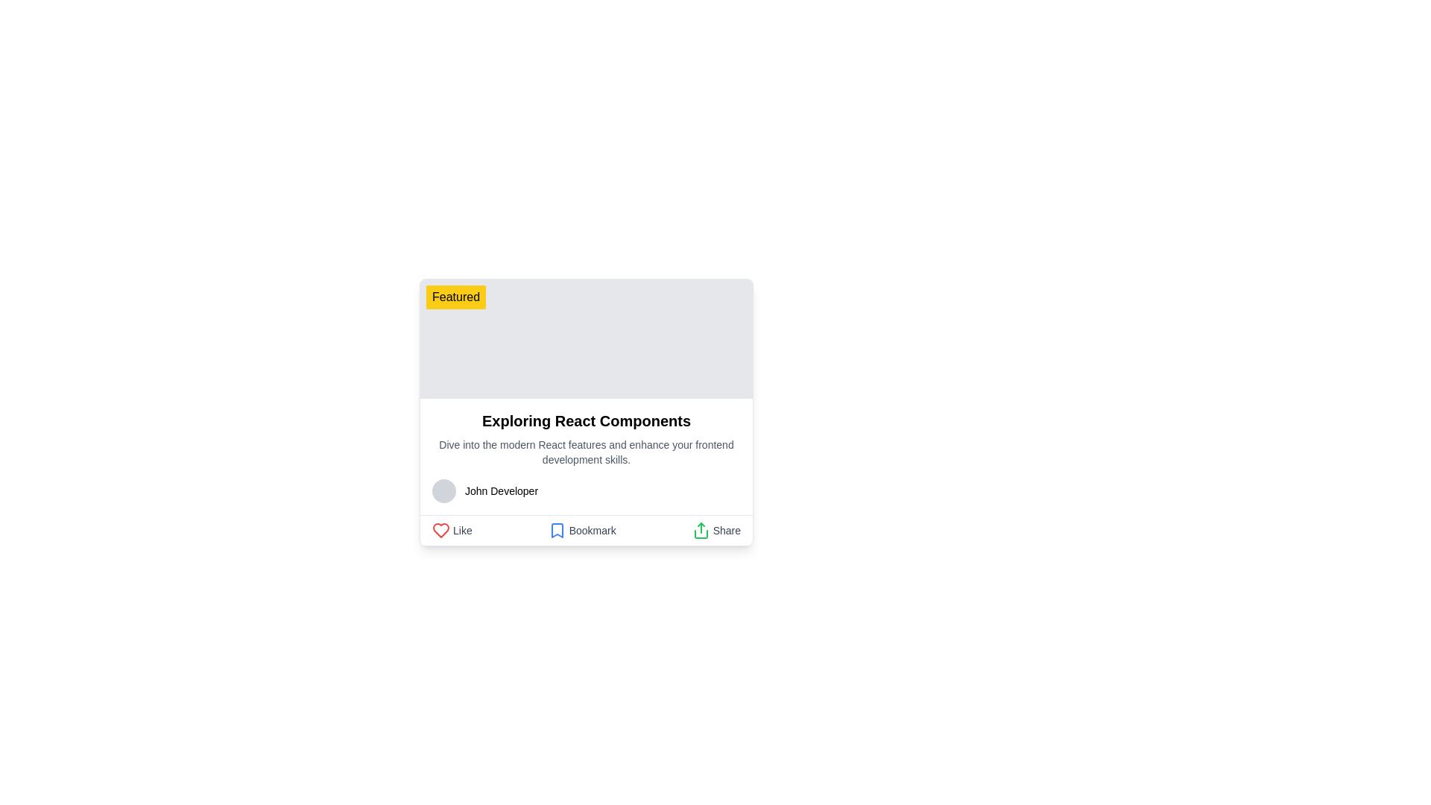  Describe the element at coordinates (716, 530) in the screenshot. I see `the green share button that has an upward arrow icon and the word 'Share' in gray text, located at the rightmost position of three buttons at the bottom of a content card` at that location.